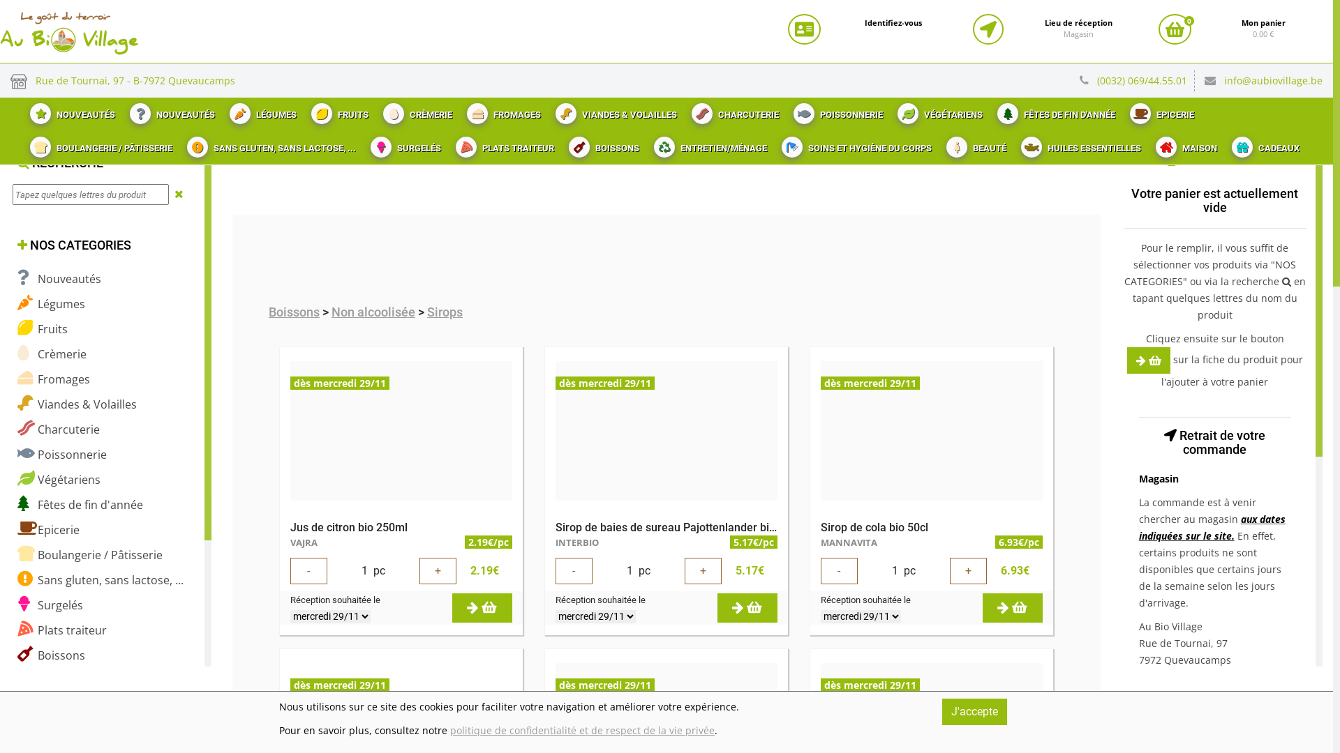 The height and width of the screenshot is (753, 1340). What do you see at coordinates (338, 109) in the screenshot?
I see `'FRUITS'` at bounding box center [338, 109].